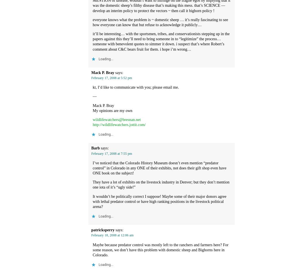  What do you see at coordinates (112, 235) in the screenshot?
I see `'February 18, 2008 at 12:06 am'` at bounding box center [112, 235].